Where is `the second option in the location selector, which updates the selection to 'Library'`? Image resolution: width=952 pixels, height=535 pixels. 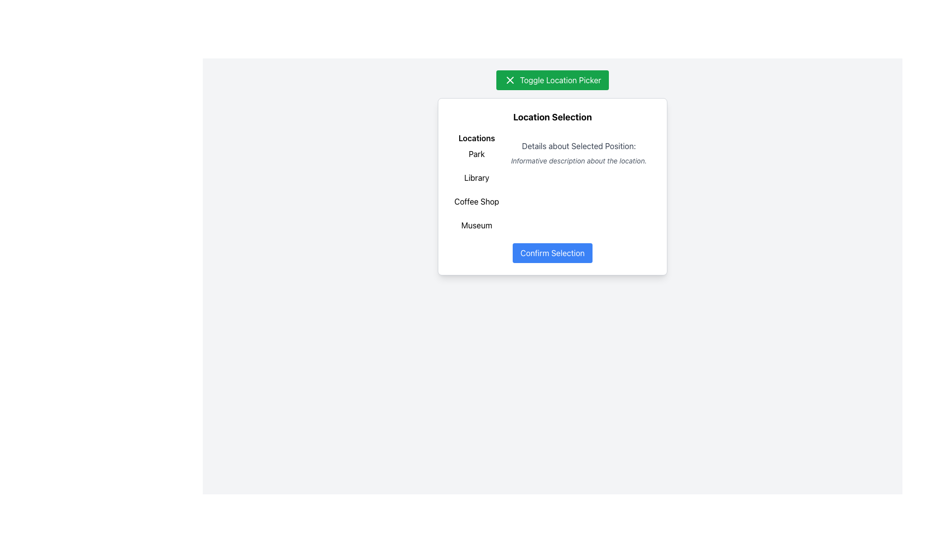 the second option in the location selector, which updates the selection to 'Library' is located at coordinates (476, 177).